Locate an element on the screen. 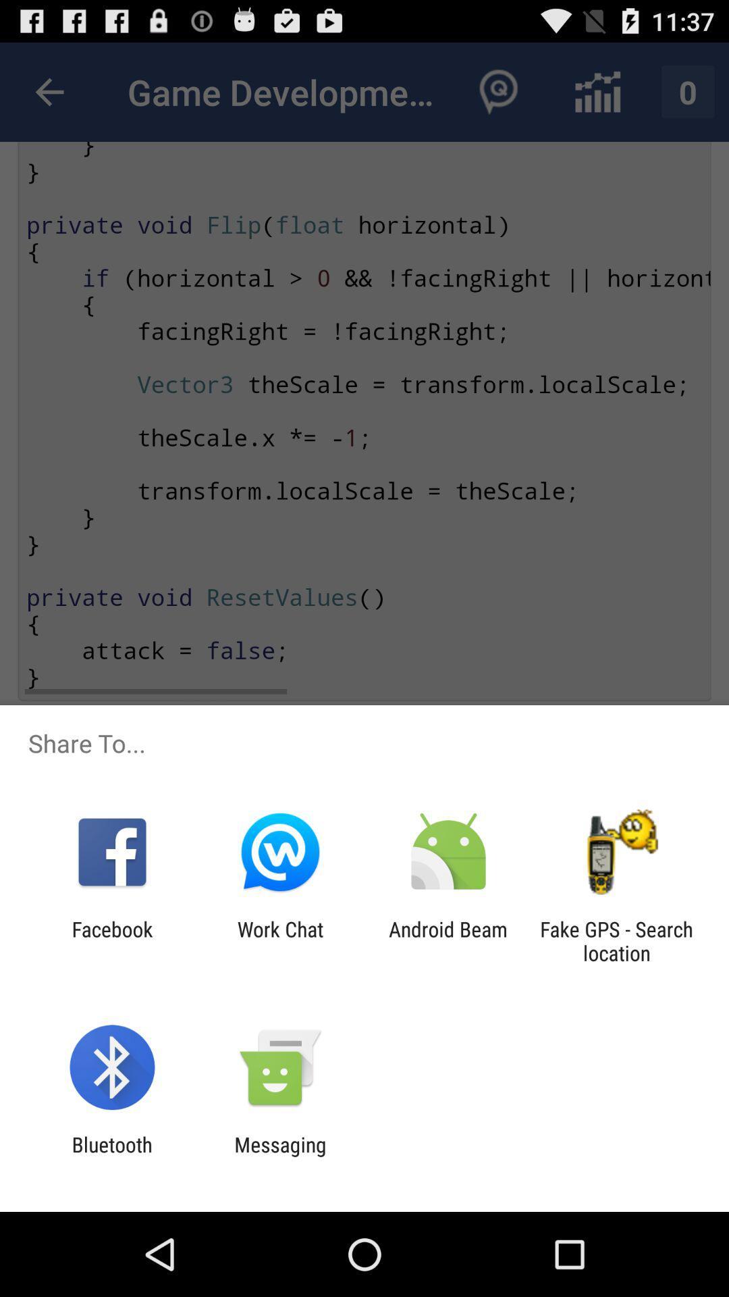  app to the left of the work chat item is located at coordinates (111, 940).